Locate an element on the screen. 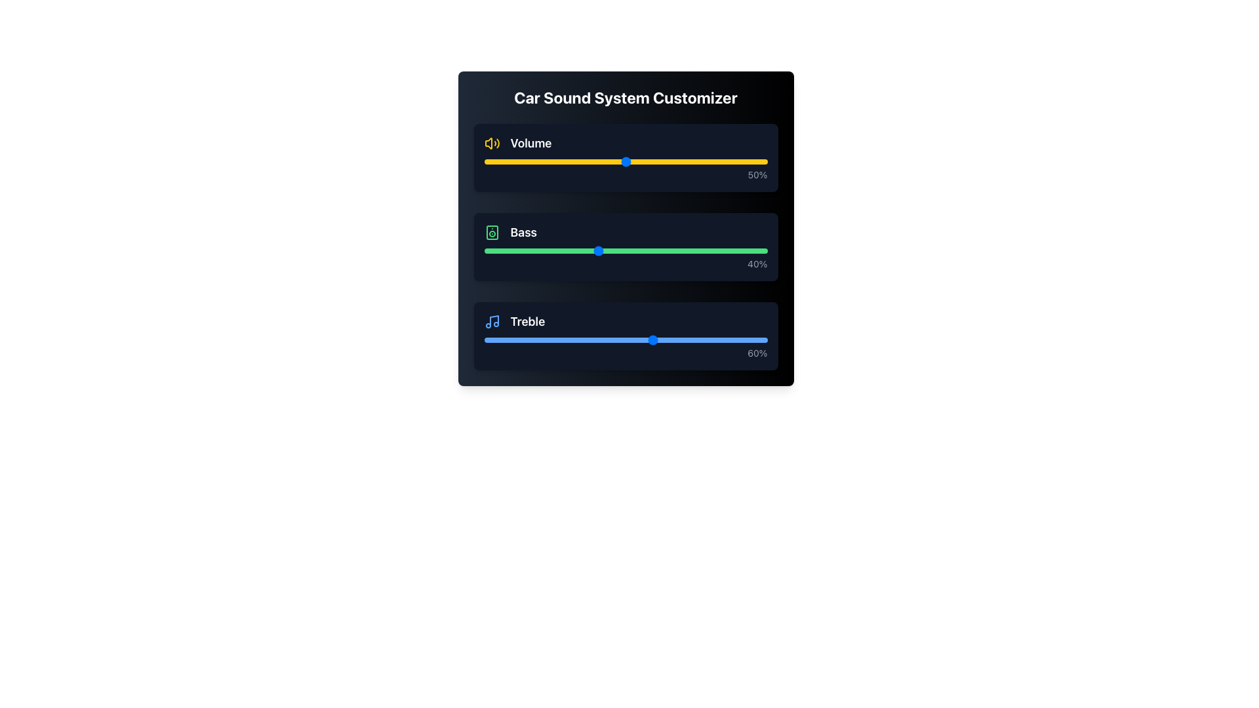  the bass level is located at coordinates (619, 250).